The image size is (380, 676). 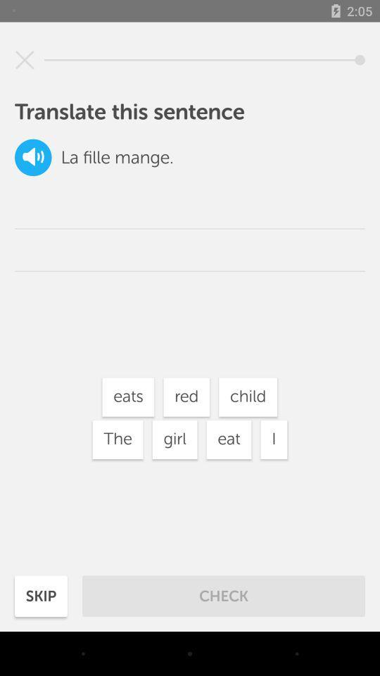 What do you see at coordinates (175, 439) in the screenshot?
I see `the item below the eats` at bounding box center [175, 439].